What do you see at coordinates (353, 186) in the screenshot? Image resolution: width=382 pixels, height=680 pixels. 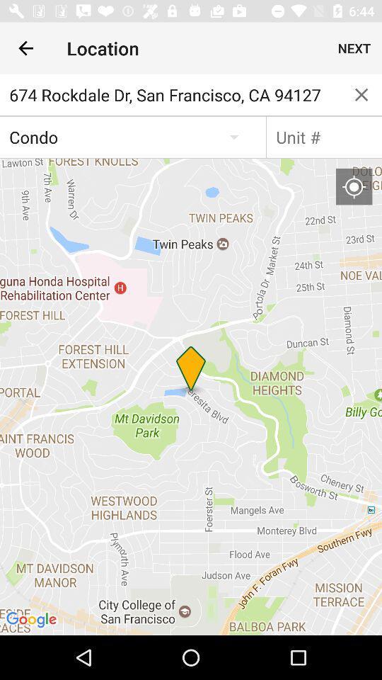 I see `localize home` at bounding box center [353, 186].